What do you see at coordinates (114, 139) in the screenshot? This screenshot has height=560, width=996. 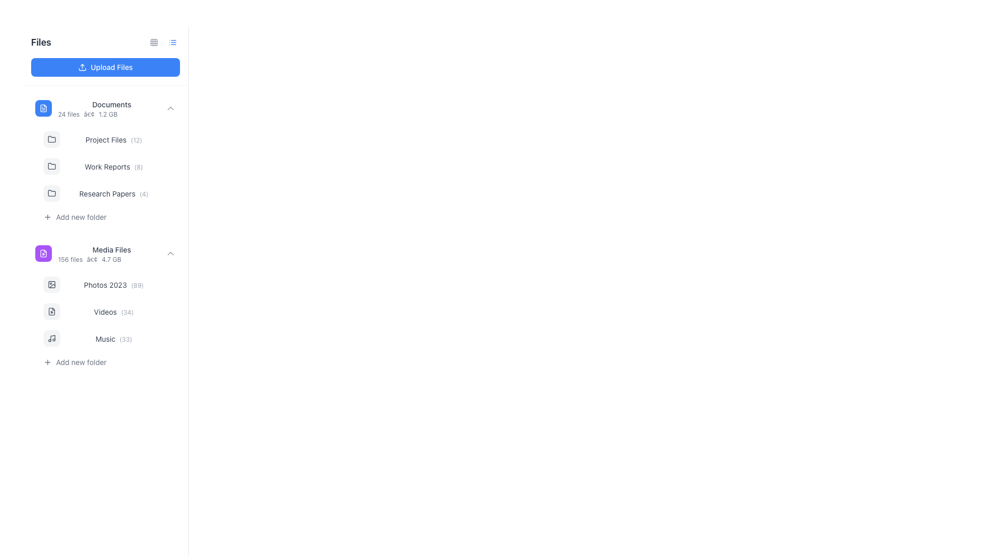 I see `the 'Project Files(12)' navigation link located in the second slot under the 'Documents' header in the left-hand vertical navigation menu` at bounding box center [114, 139].